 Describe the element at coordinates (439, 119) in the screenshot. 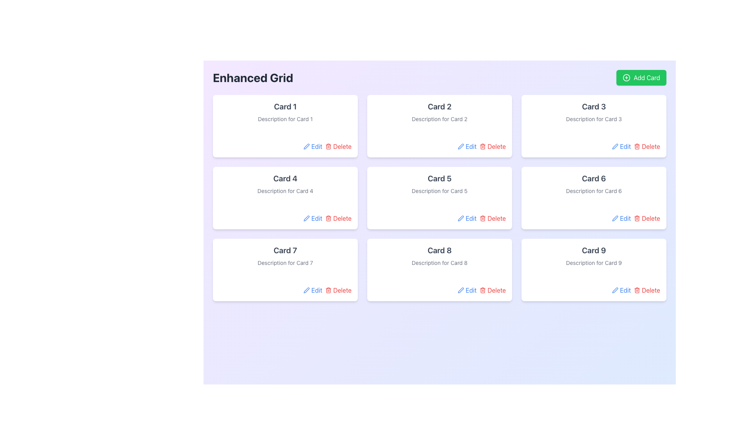

I see `the text element that displays 'Description for Card 2', located in the second column of the first row under the title 'Card 2'` at that location.